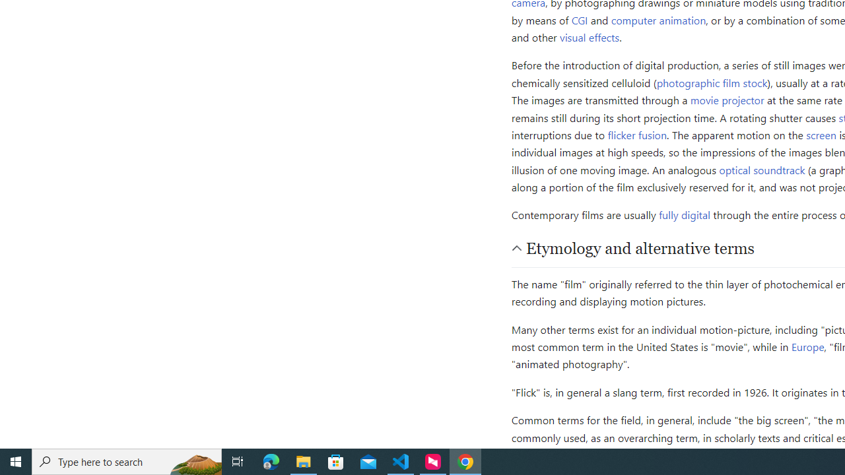 The height and width of the screenshot is (475, 845). What do you see at coordinates (762, 169) in the screenshot?
I see `'optical soundtrack'` at bounding box center [762, 169].